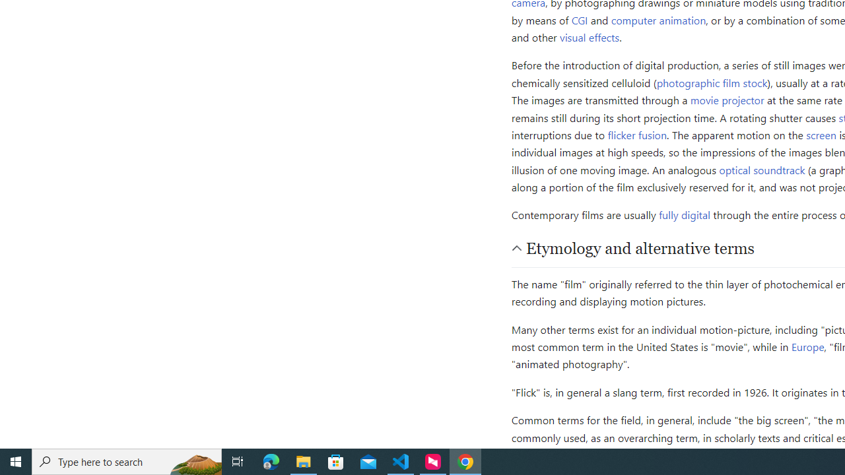 The height and width of the screenshot is (475, 845). What do you see at coordinates (762, 169) in the screenshot?
I see `'optical soundtrack'` at bounding box center [762, 169].